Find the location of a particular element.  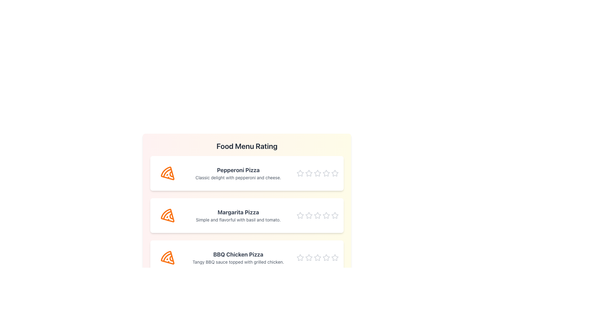

the food type associated with the orange pizza slice icon is located at coordinates (168, 215).